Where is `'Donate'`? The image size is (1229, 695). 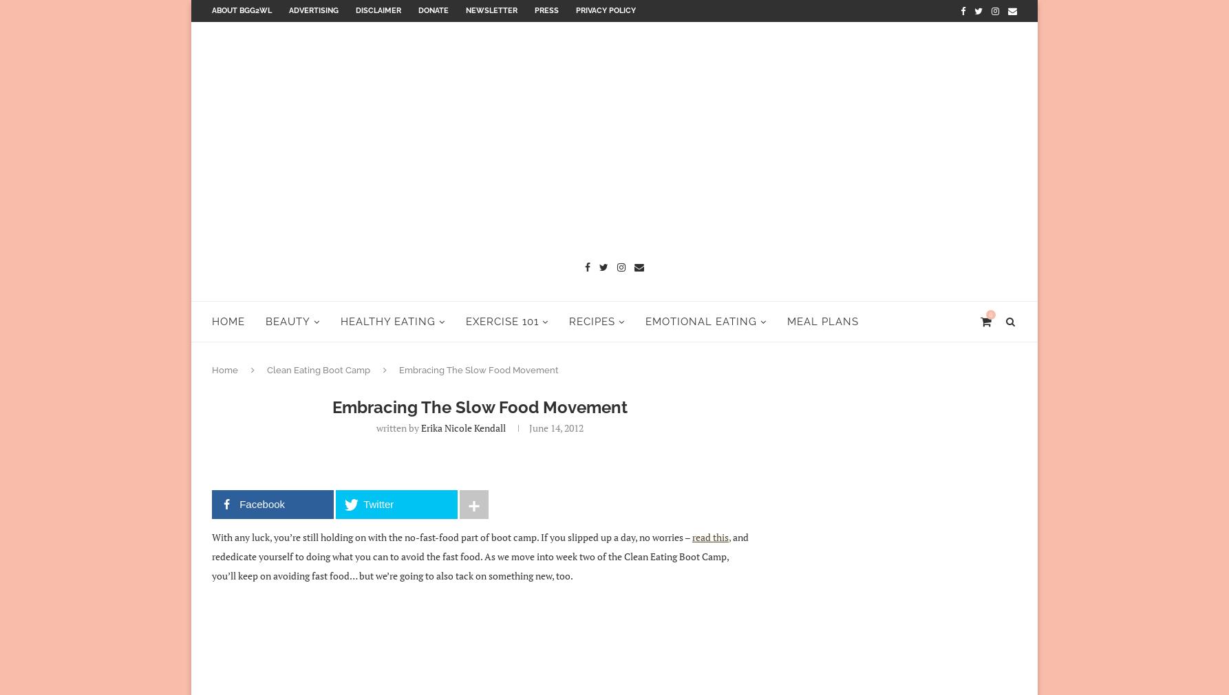 'Donate' is located at coordinates (433, 10).